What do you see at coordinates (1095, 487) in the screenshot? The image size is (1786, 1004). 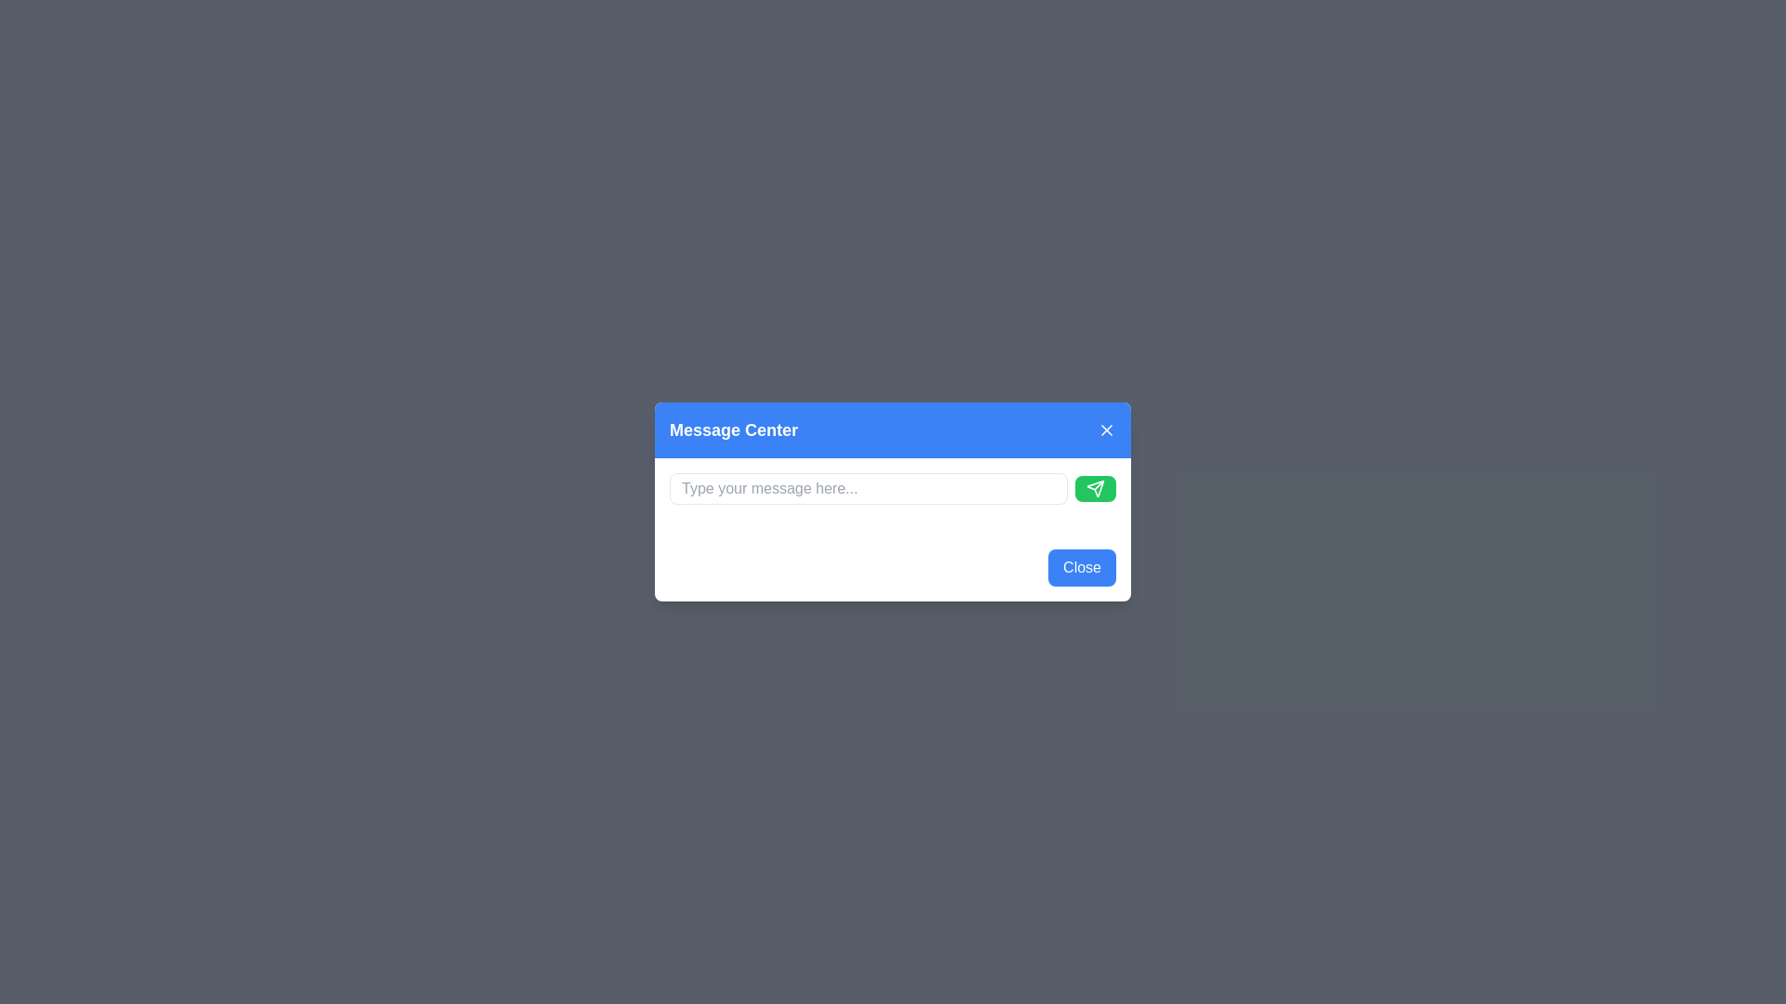 I see `the green icon button with a paper plane icon located on the right side of the input field in the 'Message Center' dialog box` at bounding box center [1095, 487].